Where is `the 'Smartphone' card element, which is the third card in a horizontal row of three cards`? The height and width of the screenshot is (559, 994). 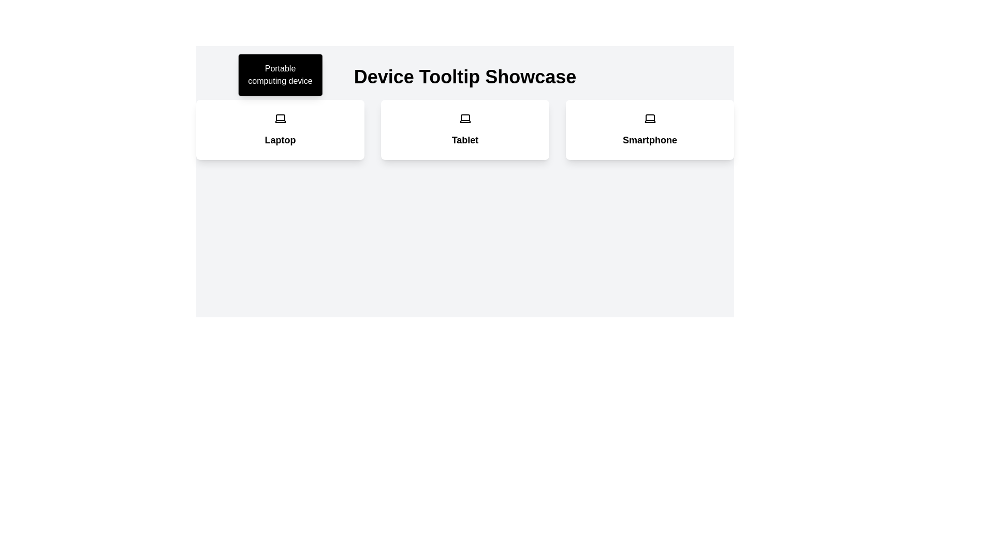
the 'Smartphone' card element, which is the third card in a horizontal row of three cards is located at coordinates (649, 129).